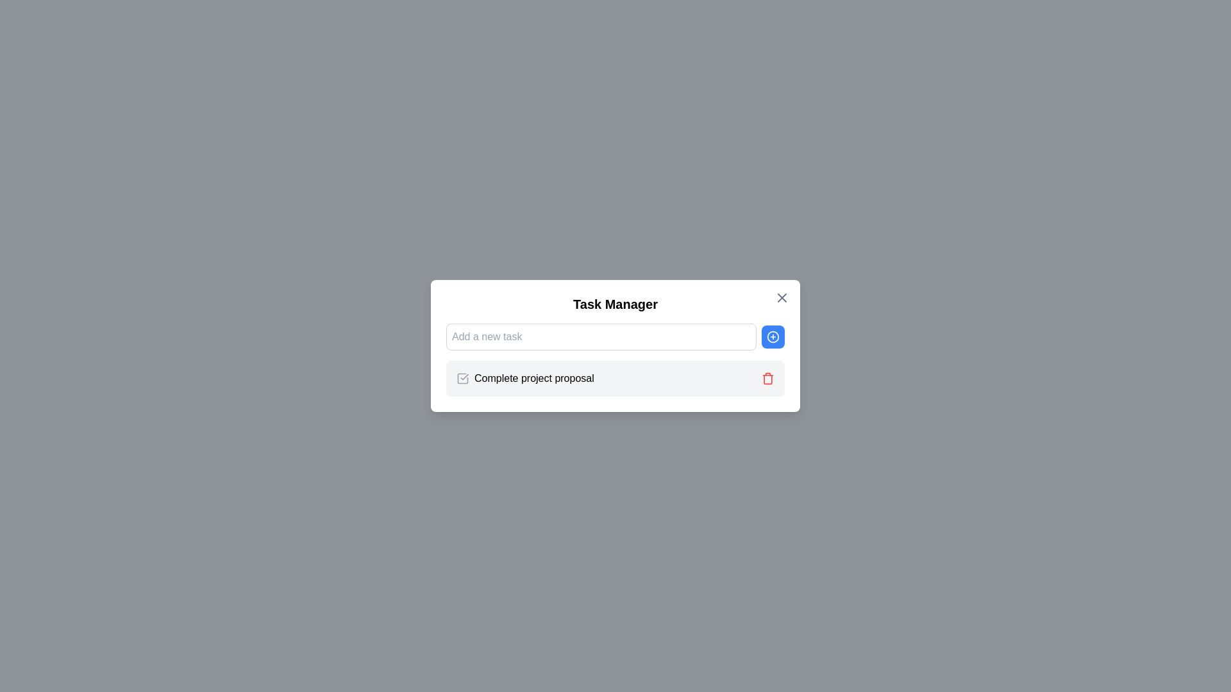 This screenshot has height=692, width=1231. What do you see at coordinates (781, 298) in the screenshot?
I see `the close button styled as a gray 'X' icon located at the top-right corner of the 'Task Manager' modal` at bounding box center [781, 298].